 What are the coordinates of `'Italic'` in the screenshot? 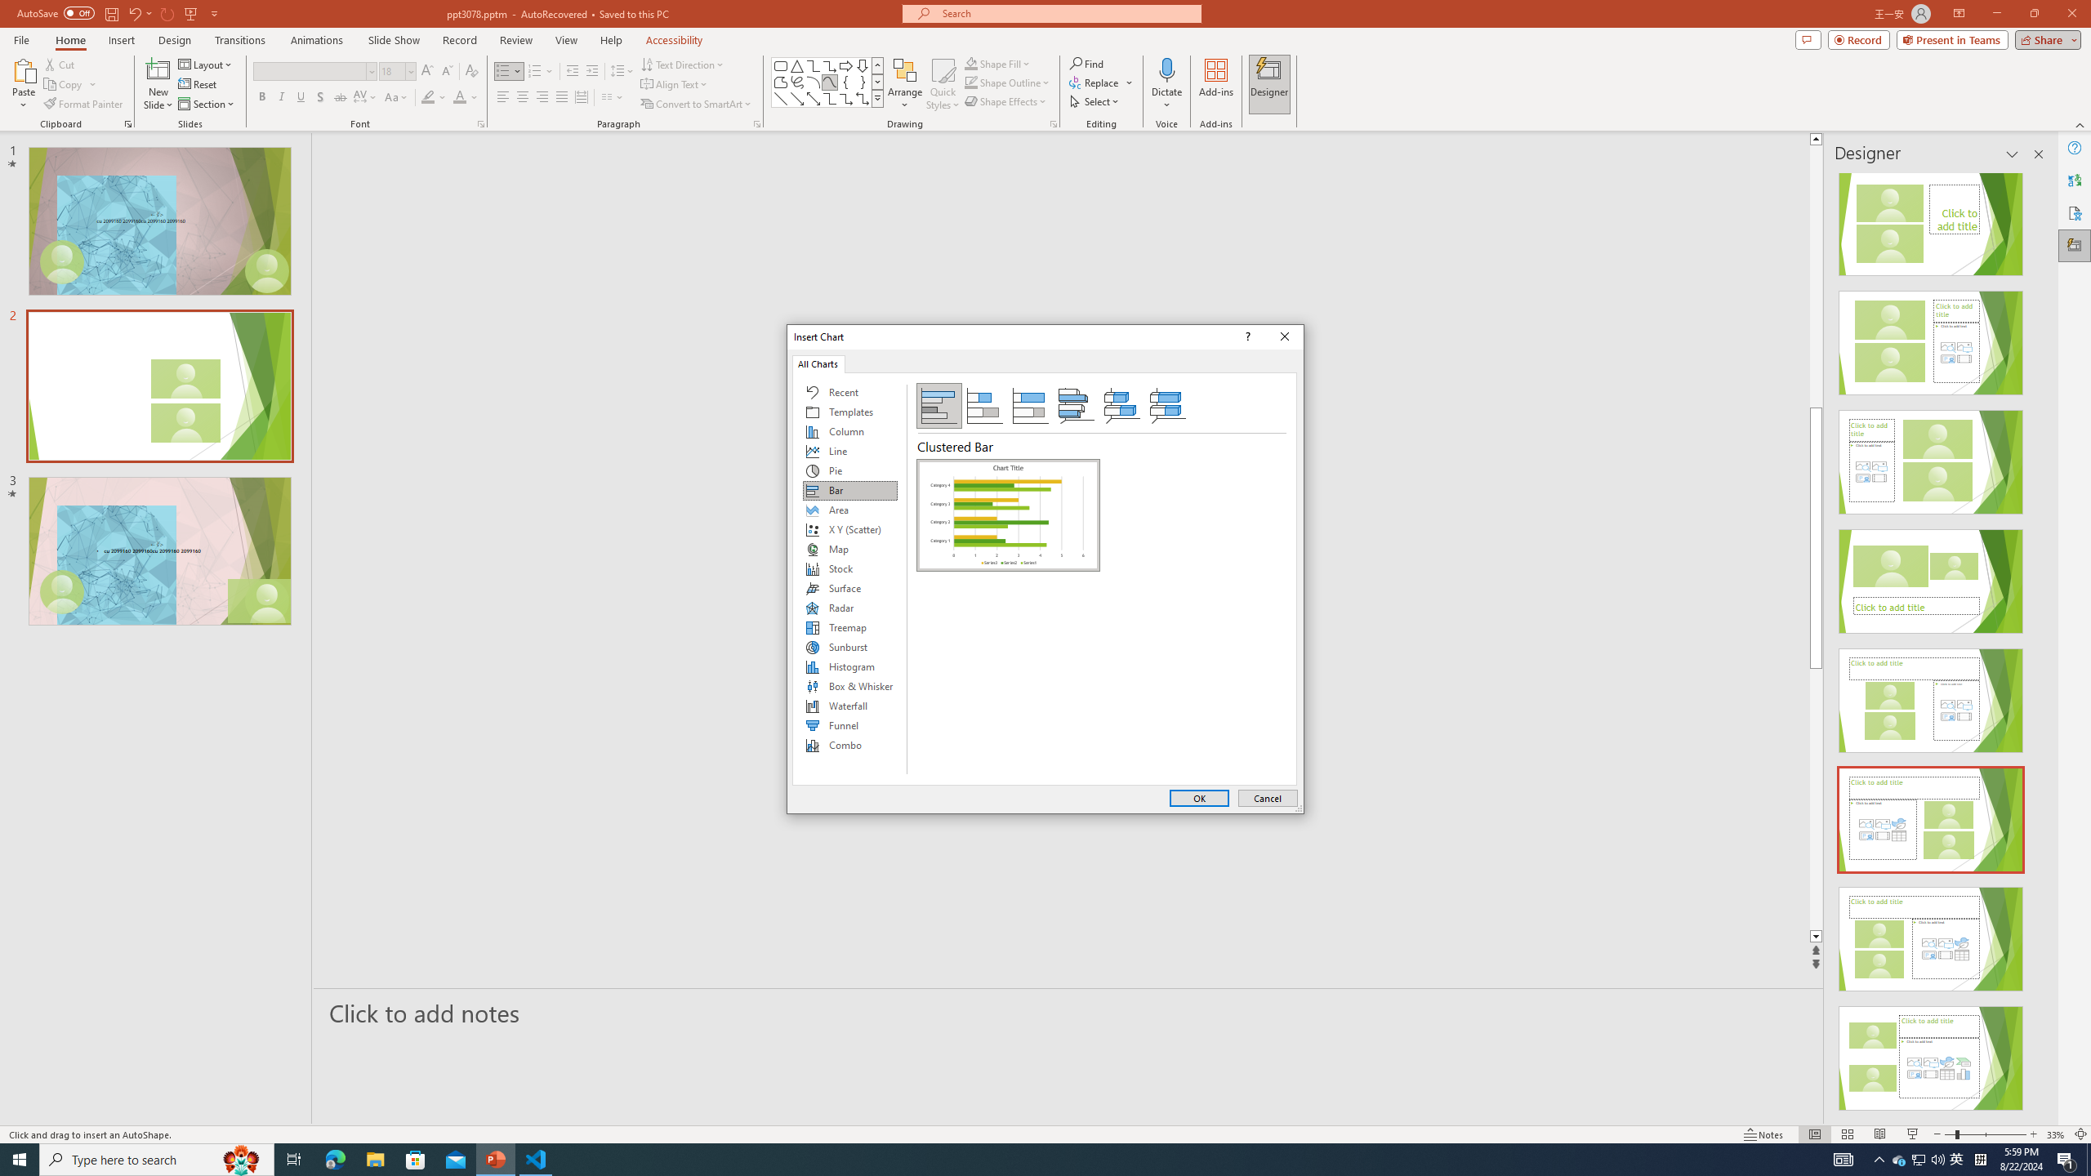 It's located at (280, 96).